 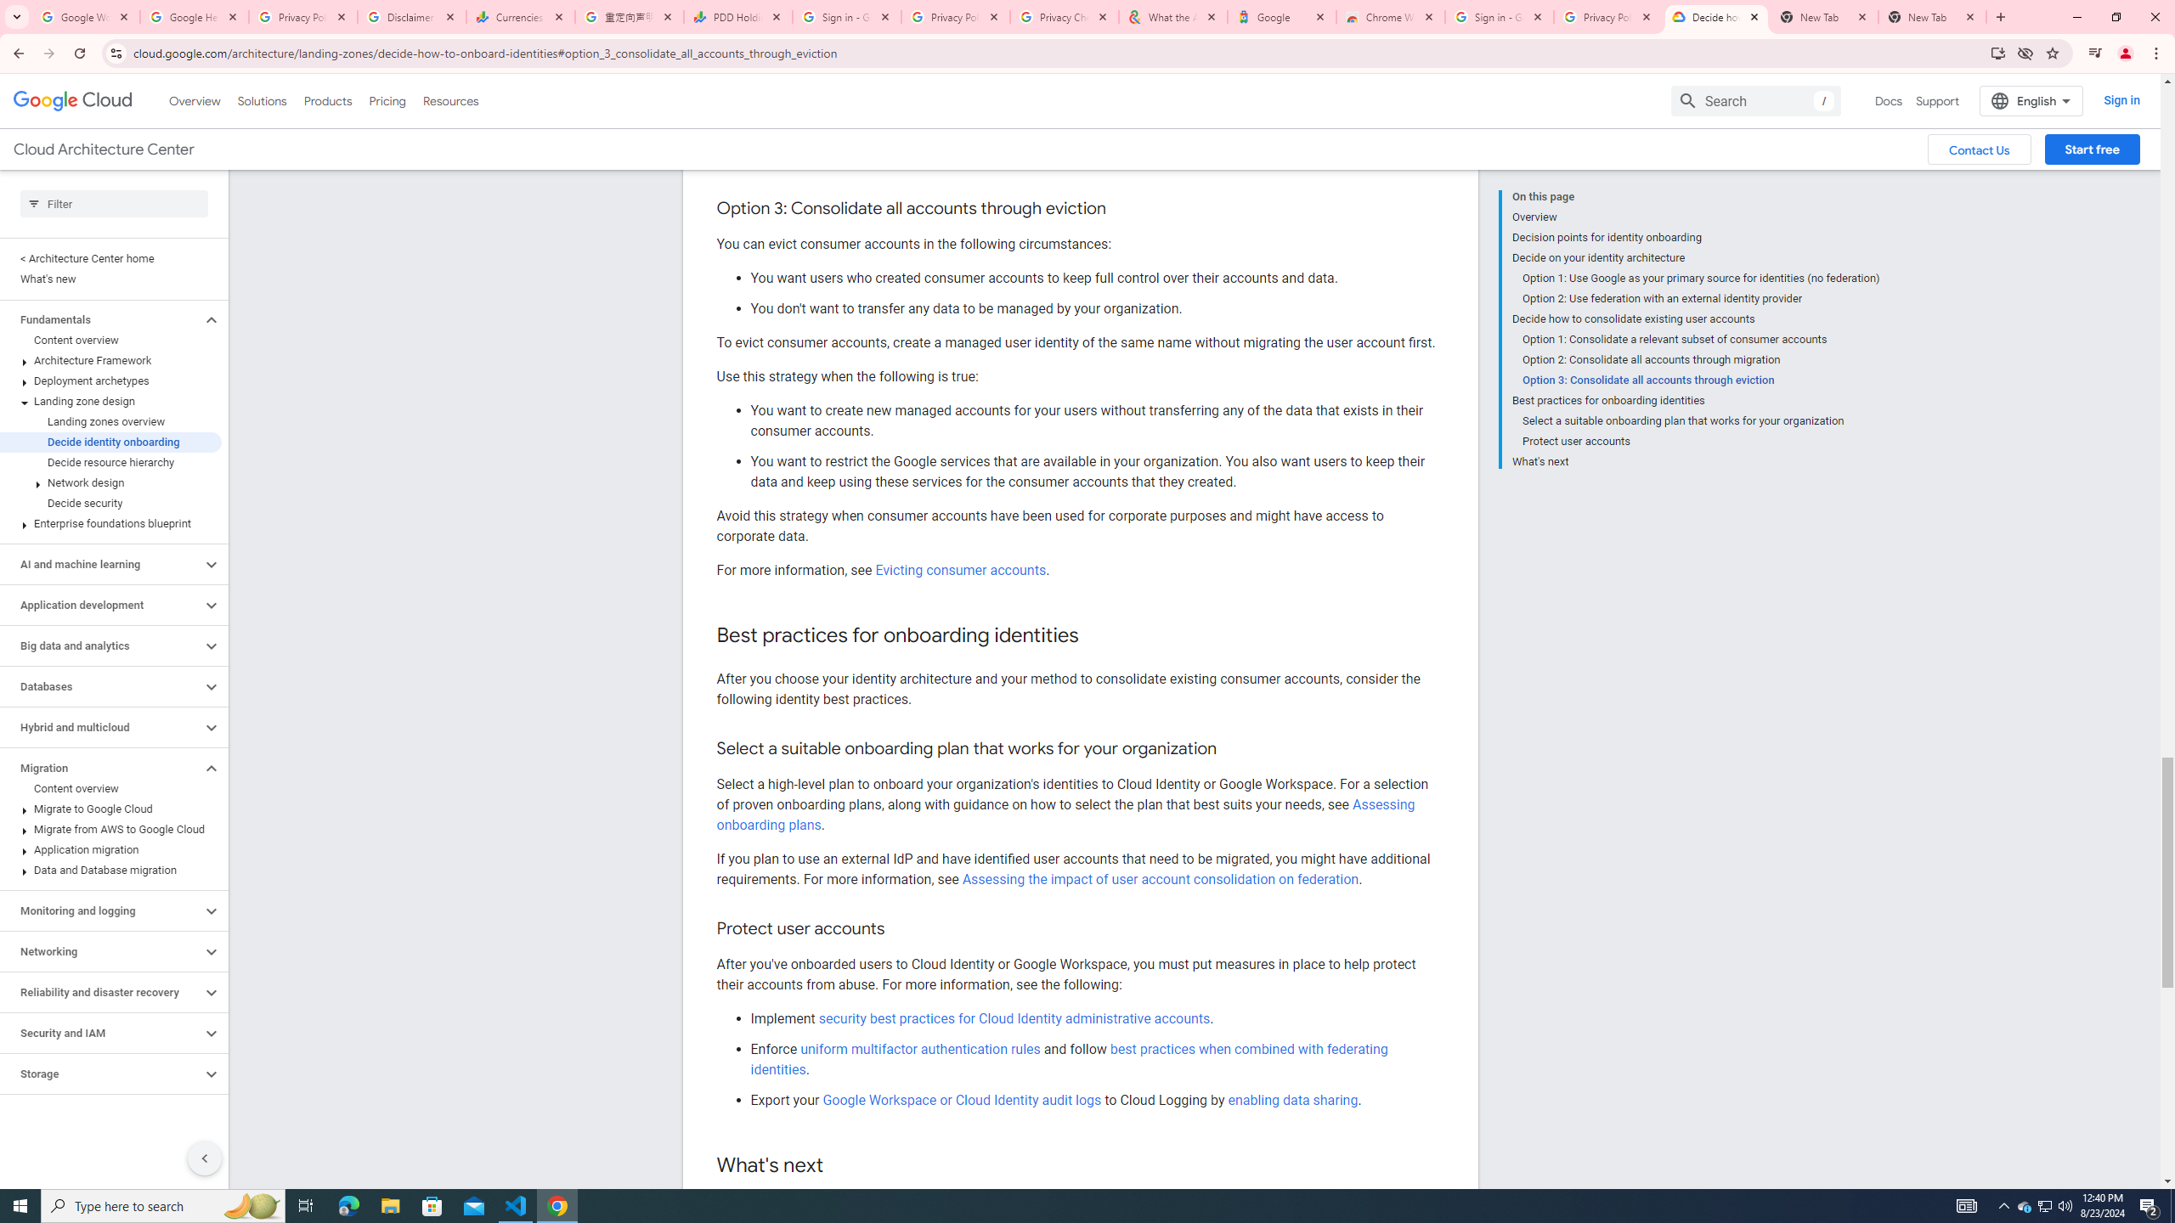 What do you see at coordinates (1291, 1099) in the screenshot?
I see `'enabling data sharing'` at bounding box center [1291, 1099].